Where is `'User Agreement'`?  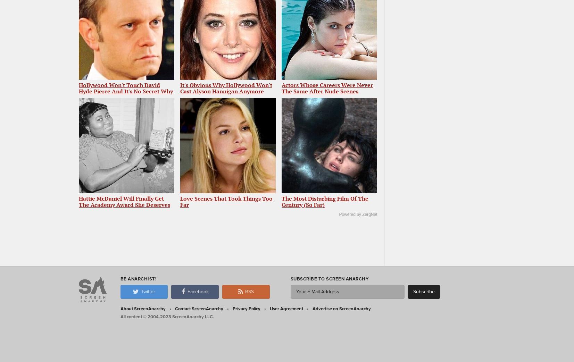
'User Agreement' is located at coordinates (269, 308).